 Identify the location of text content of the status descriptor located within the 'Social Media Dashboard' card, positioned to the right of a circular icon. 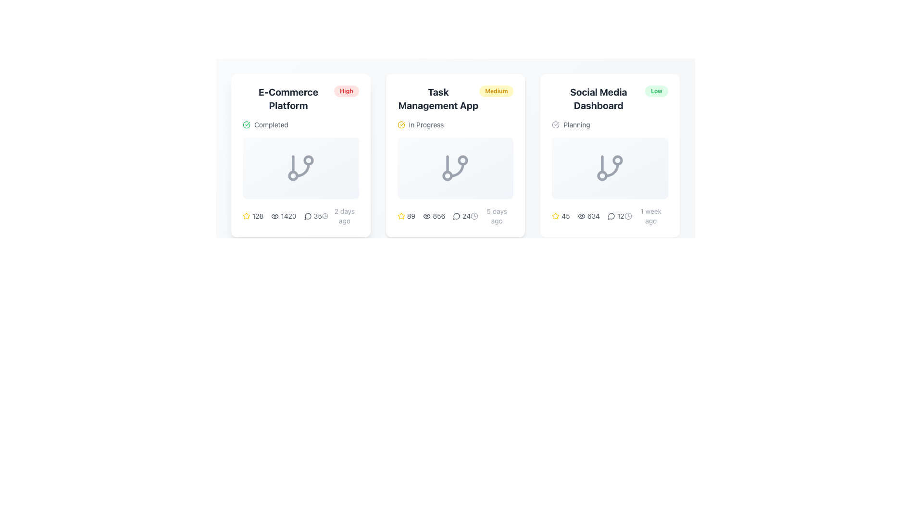
(577, 124).